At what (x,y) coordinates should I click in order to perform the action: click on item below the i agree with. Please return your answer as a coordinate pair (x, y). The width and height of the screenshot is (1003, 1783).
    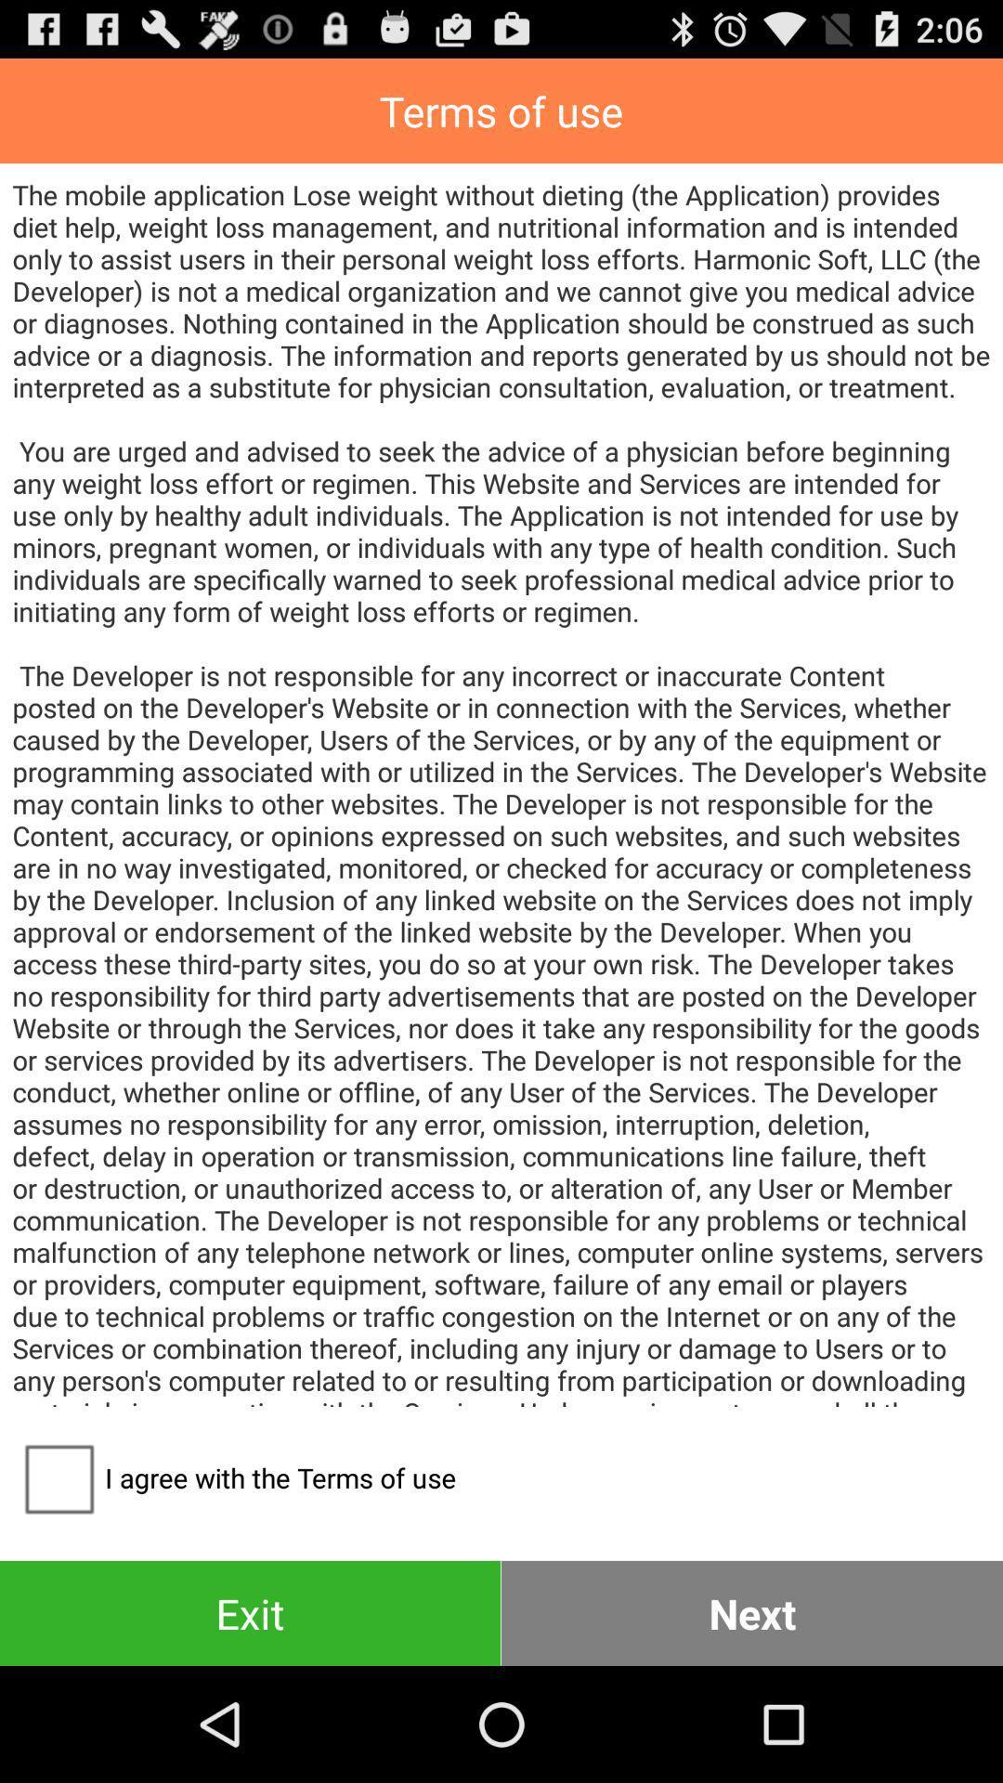
    Looking at the image, I should click on (249, 1612).